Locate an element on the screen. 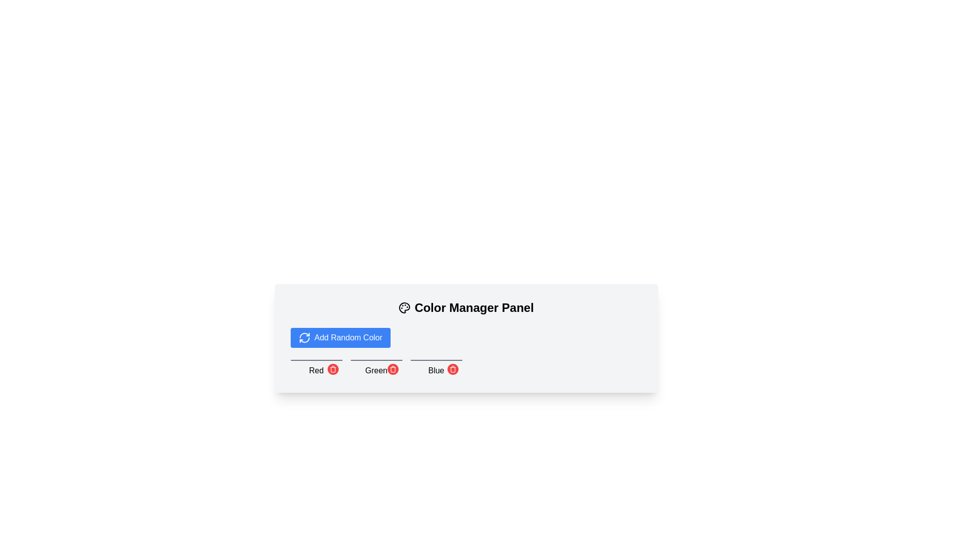 Image resolution: width=959 pixels, height=539 pixels. properties of the central palette icon in the Color Manager Panel, which visually represents color management or selection is located at coordinates (405, 307).